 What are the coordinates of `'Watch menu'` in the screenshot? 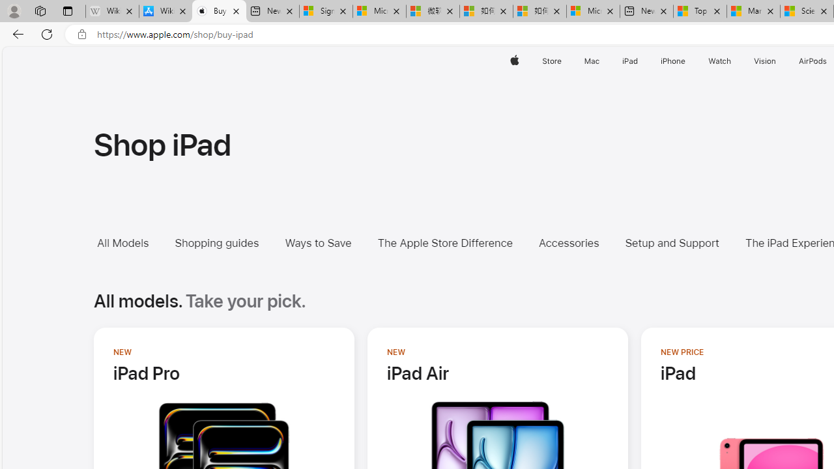 It's located at (734, 61).